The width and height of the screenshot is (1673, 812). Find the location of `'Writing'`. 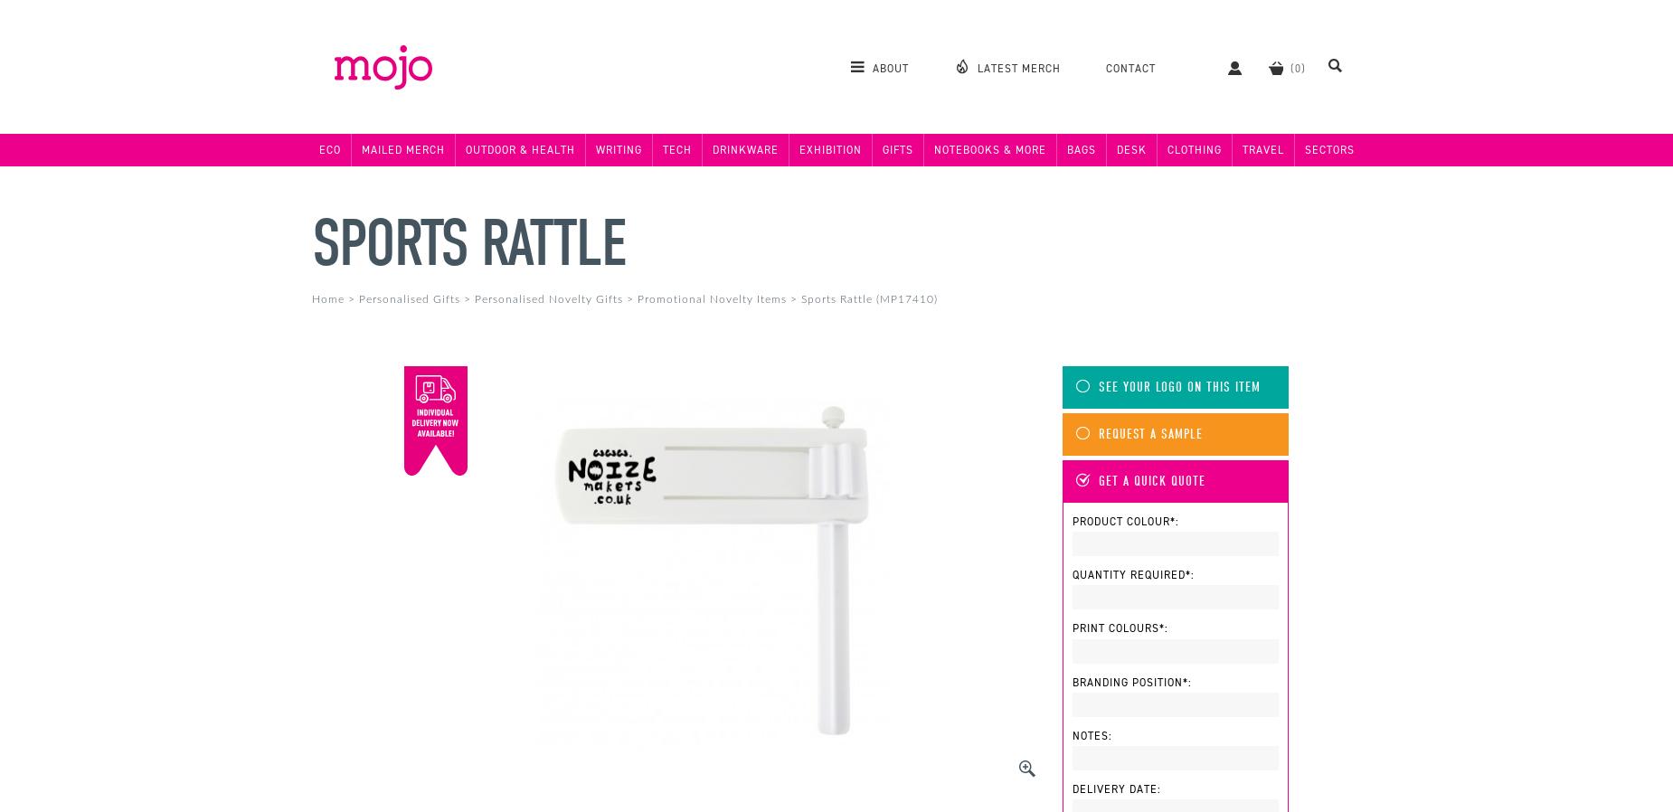

'Writing' is located at coordinates (618, 149).